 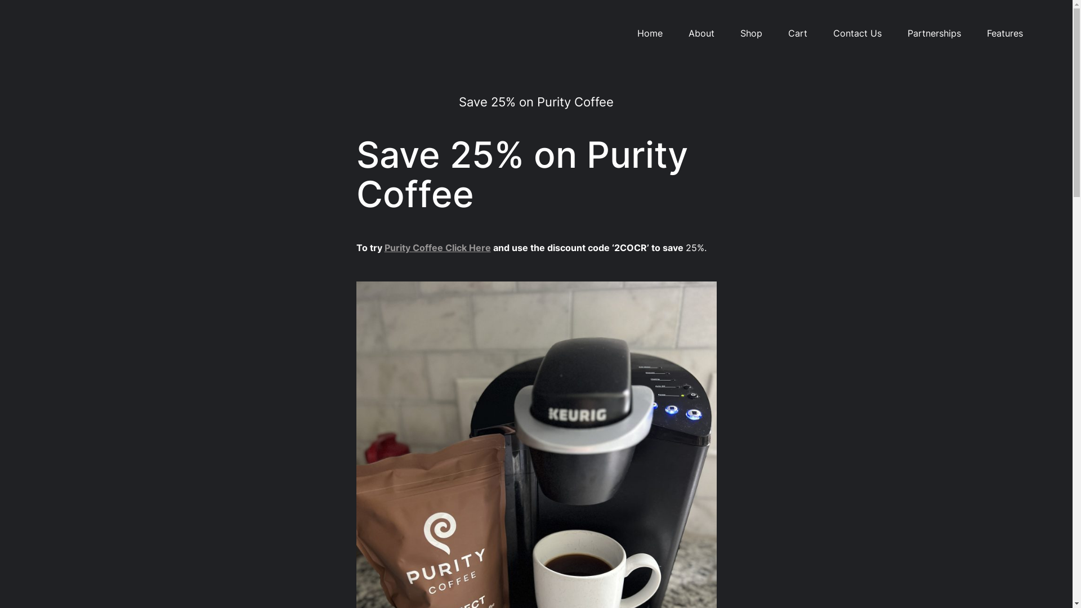 I want to click on 'Purity Coffee Click Here', so click(x=436, y=247).